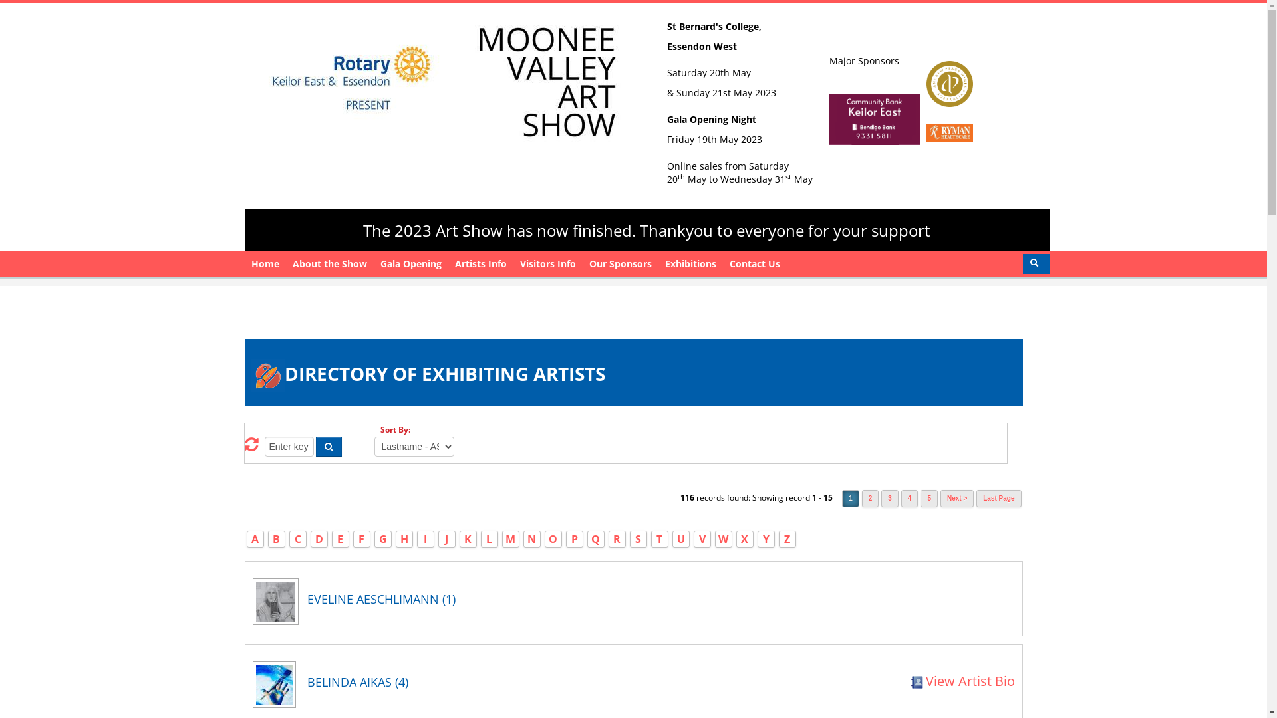  What do you see at coordinates (909, 498) in the screenshot?
I see `'4'` at bounding box center [909, 498].